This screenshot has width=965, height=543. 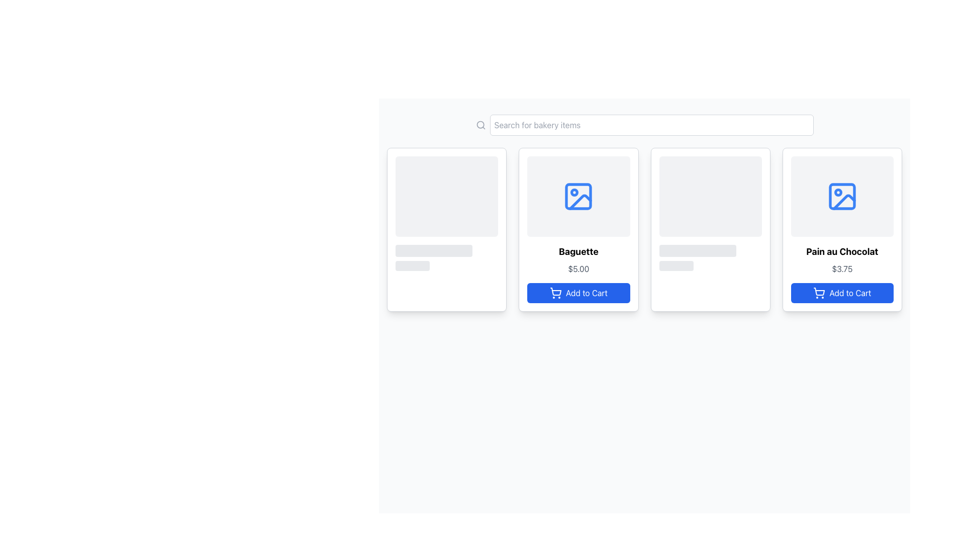 I want to click on the small blue circular Iconic indicator located in the top-left corner of the 'Pain au Chocolat' product card, which is the third card in a row of product cards, so click(x=838, y=192).